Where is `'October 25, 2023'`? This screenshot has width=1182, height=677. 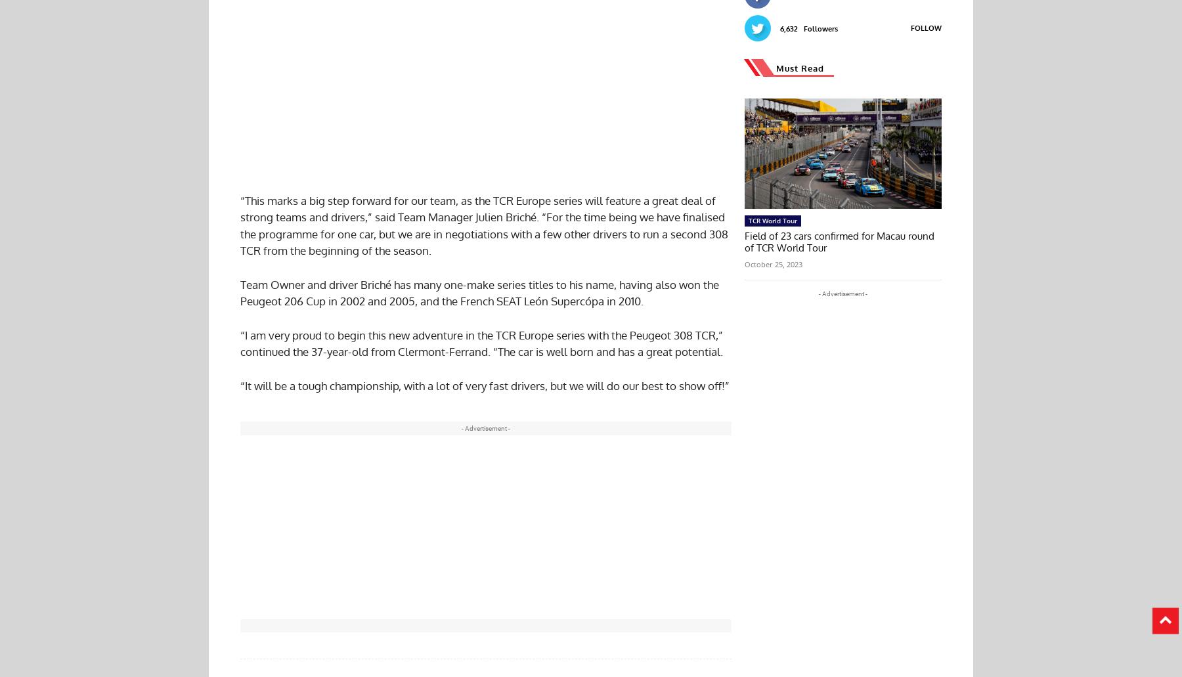 'October 25, 2023' is located at coordinates (744, 263).